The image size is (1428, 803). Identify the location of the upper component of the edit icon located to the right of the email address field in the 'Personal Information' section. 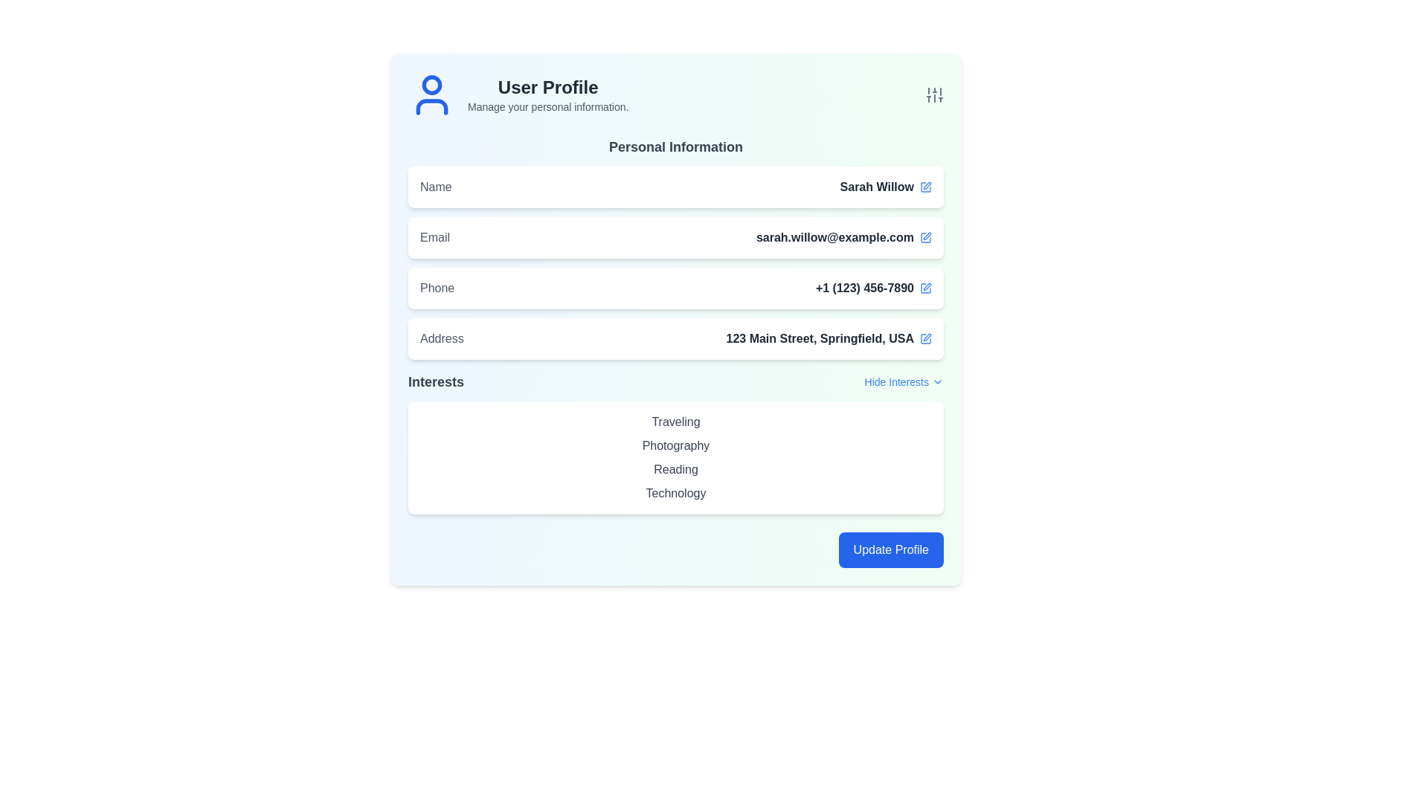
(924, 237).